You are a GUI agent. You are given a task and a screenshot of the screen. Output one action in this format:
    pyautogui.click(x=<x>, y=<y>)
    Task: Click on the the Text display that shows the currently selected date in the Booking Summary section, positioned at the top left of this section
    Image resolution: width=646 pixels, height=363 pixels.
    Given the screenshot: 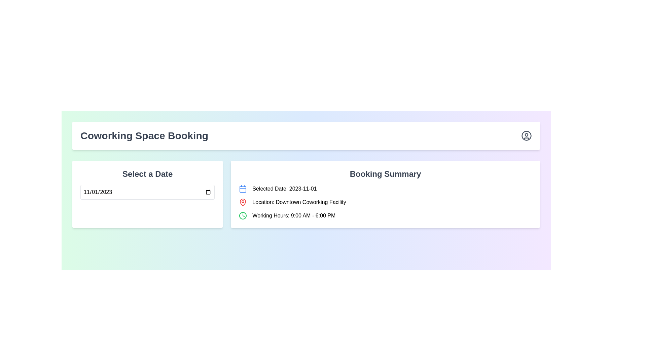 What is the action you would take?
    pyautogui.click(x=284, y=189)
    